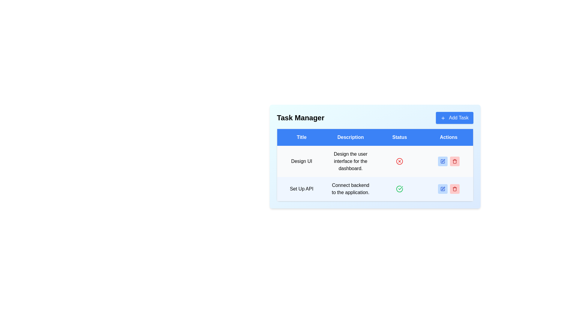 Image resolution: width=576 pixels, height=324 pixels. I want to click on the header cell of the table column, so click(301, 137).